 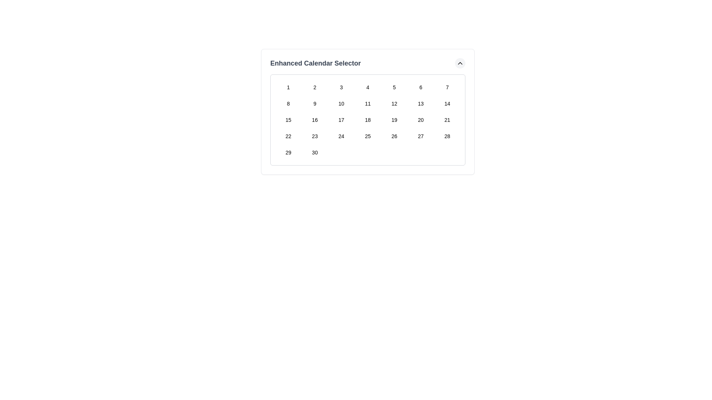 What do you see at coordinates (460, 63) in the screenshot?
I see `the small rounded button with a light gray background and an upward-pointing chevron icon, located to the far right of the 'Enhanced Calendar Selector' title` at bounding box center [460, 63].